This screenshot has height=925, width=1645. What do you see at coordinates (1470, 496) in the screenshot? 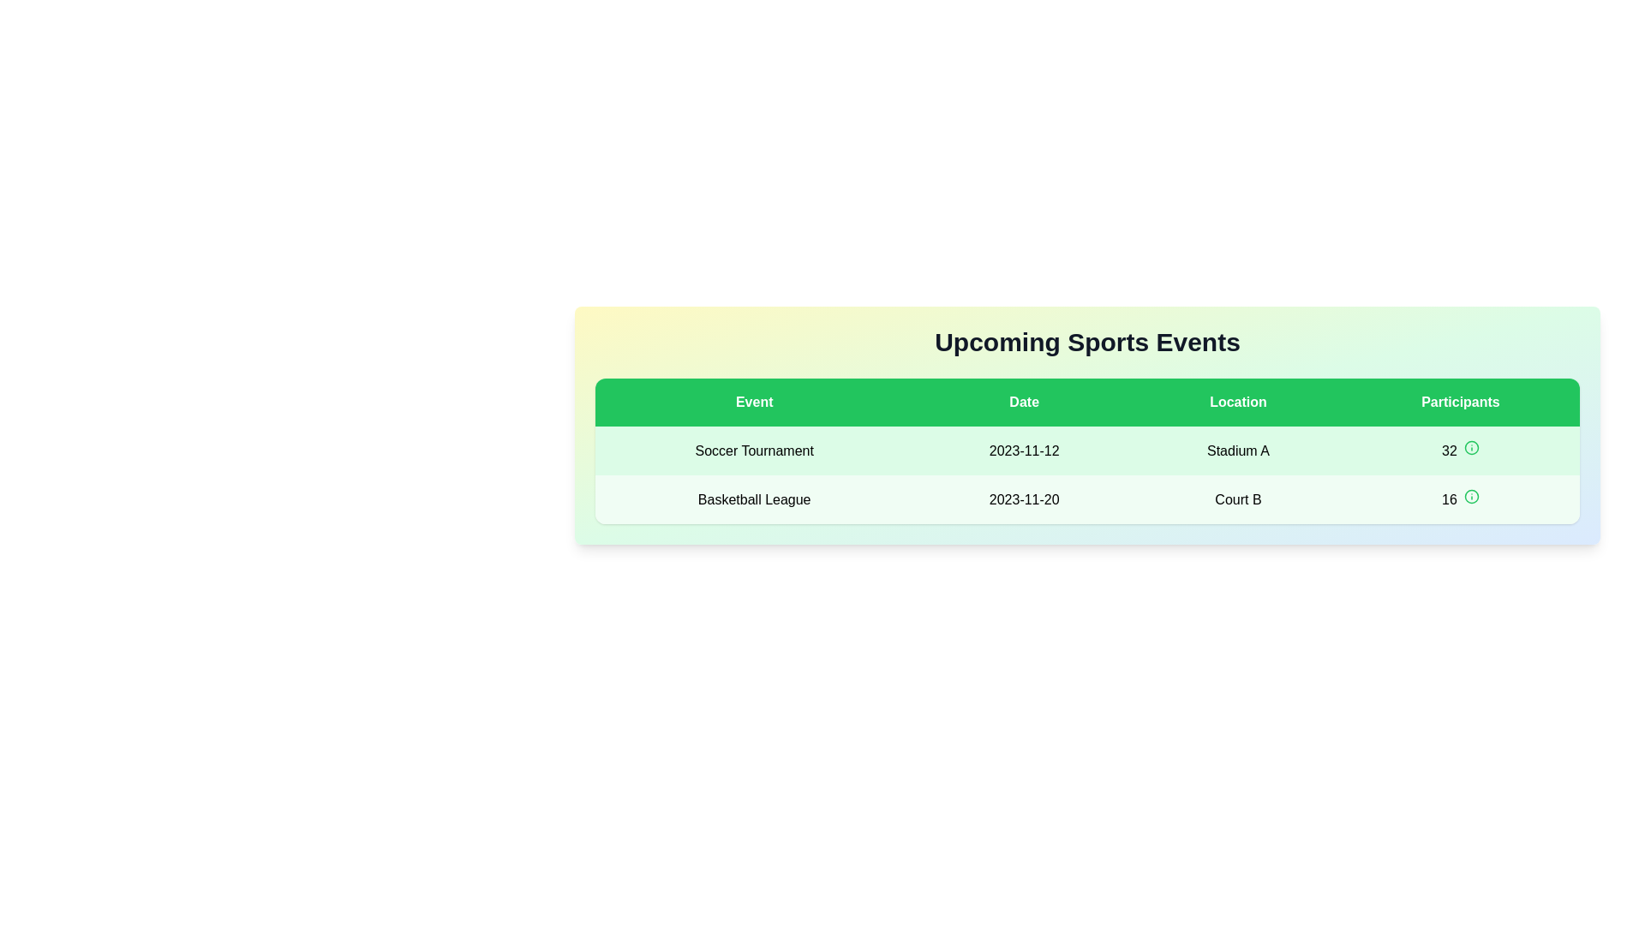
I see `the circular SVG icon located in the 'Participants' column of the second row of the table, which is positioned to the right of the number 16` at bounding box center [1470, 496].